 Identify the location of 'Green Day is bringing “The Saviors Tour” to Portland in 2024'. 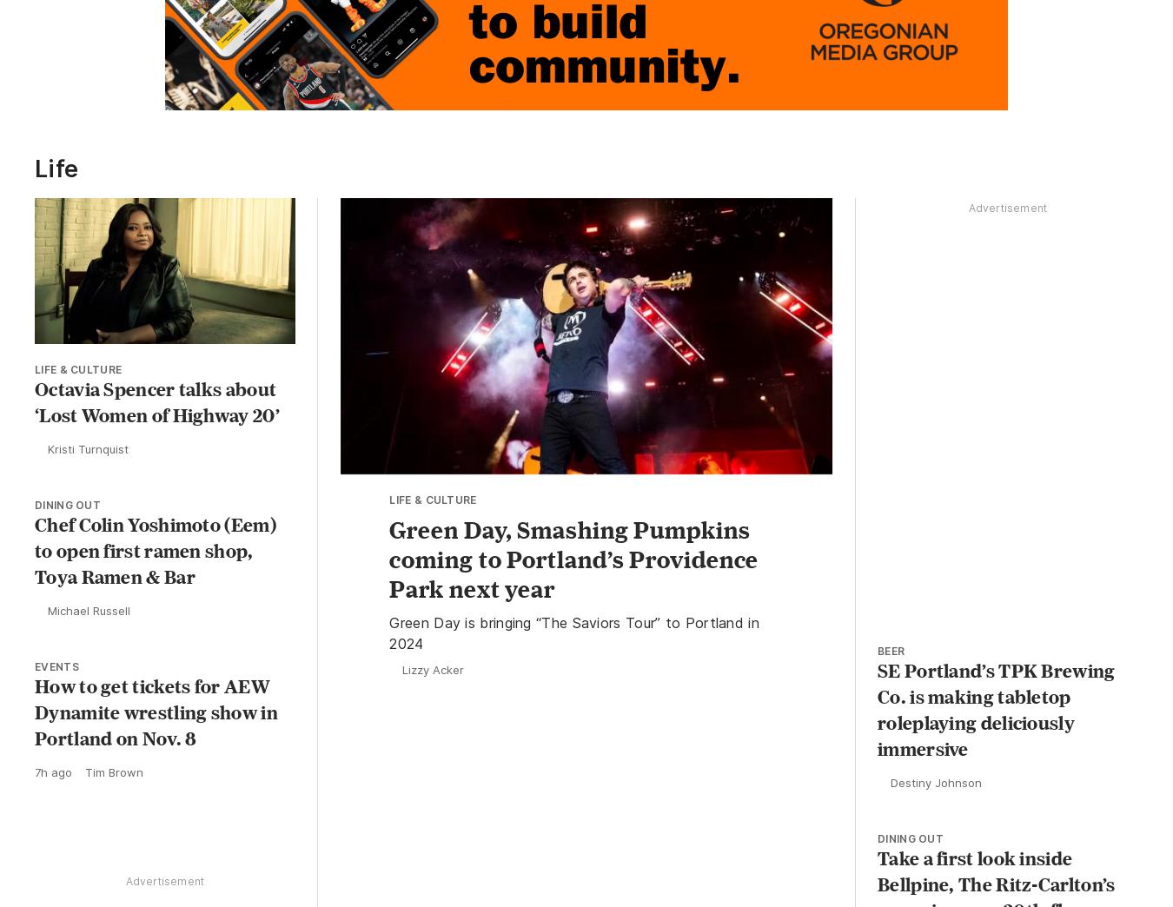
(573, 636).